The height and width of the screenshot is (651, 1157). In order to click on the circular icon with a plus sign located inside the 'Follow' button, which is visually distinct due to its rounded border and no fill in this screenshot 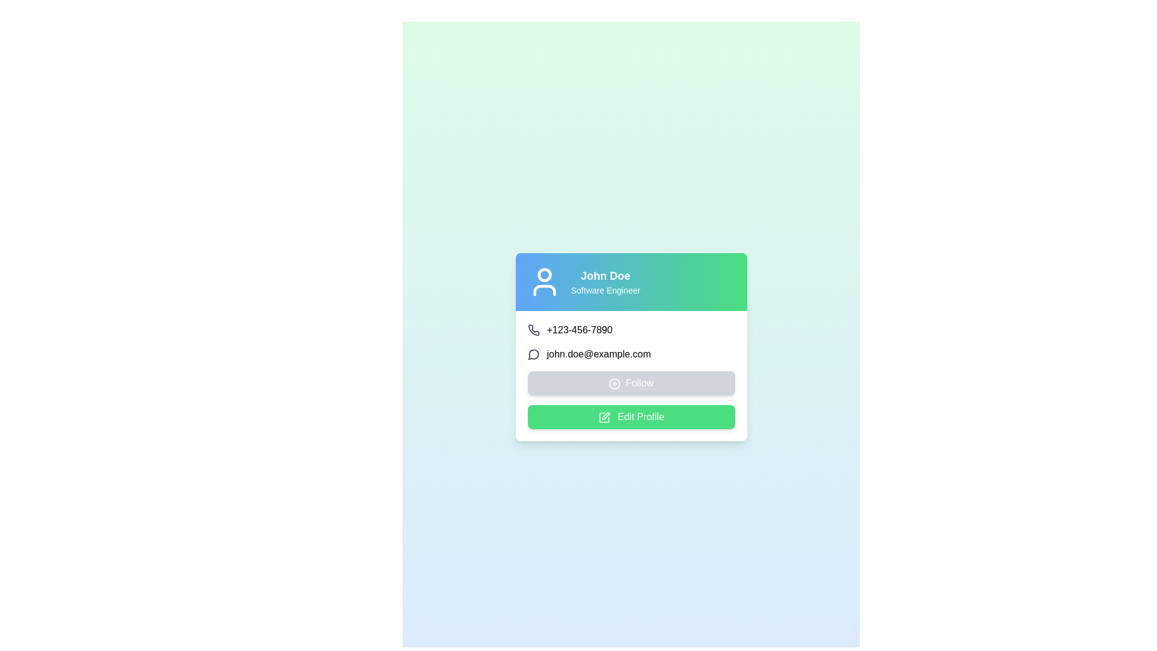, I will do `click(615, 383)`.